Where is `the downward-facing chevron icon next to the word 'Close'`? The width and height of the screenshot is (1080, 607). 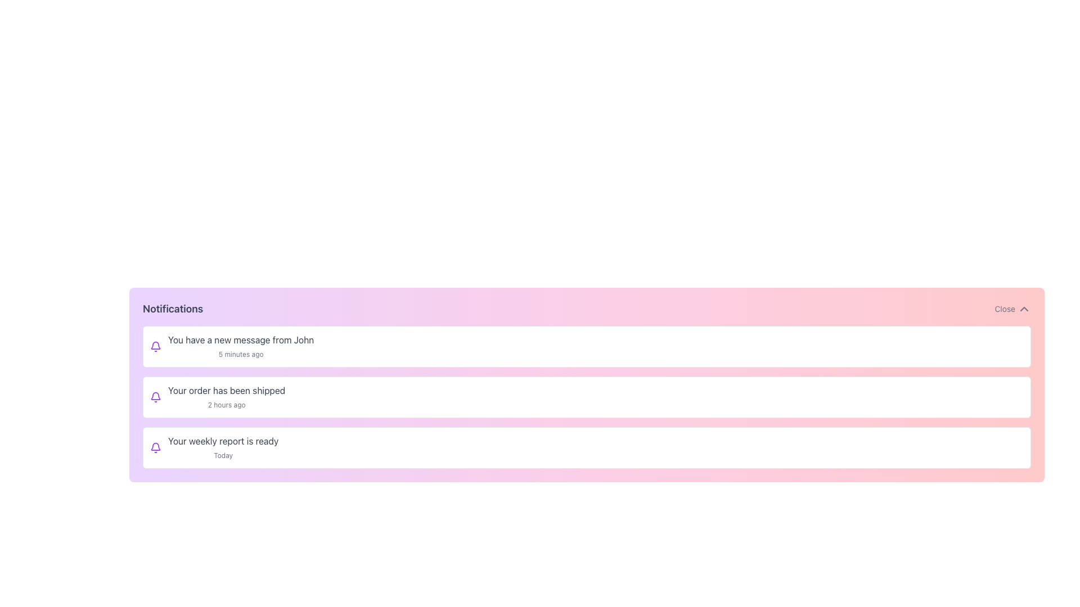 the downward-facing chevron icon next to the word 'Close' is located at coordinates (1024, 309).